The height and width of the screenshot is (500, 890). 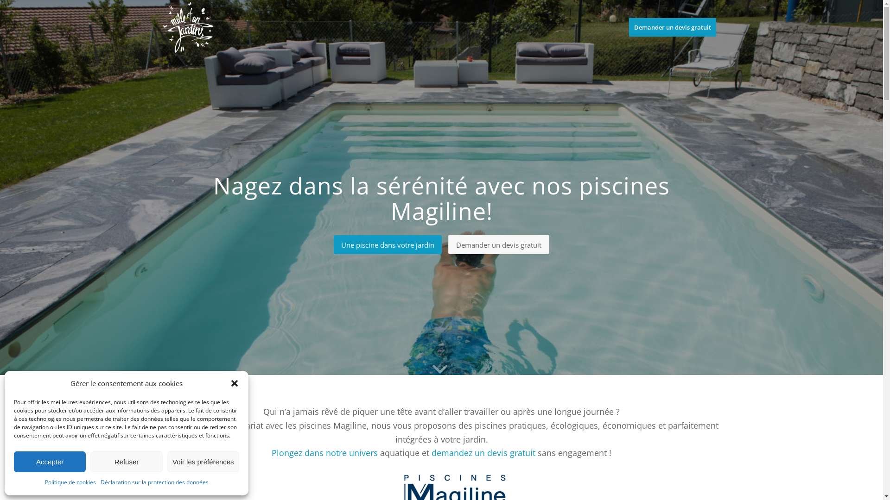 What do you see at coordinates (498, 244) in the screenshot?
I see `'Demander un devis gratuit'` at bounding box center [498, 244].